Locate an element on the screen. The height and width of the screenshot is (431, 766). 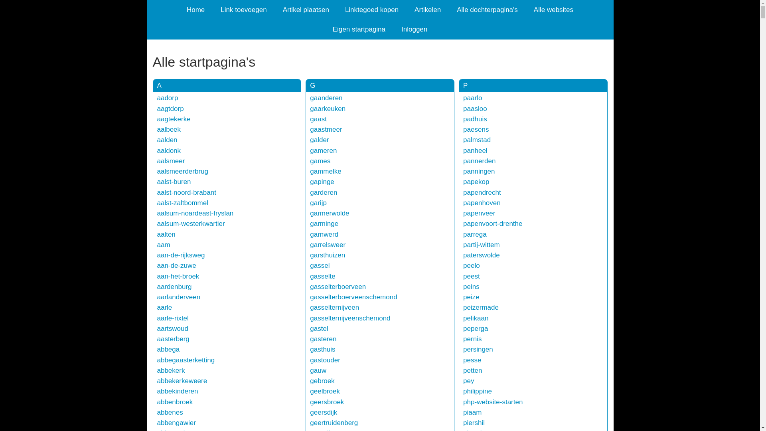
'Inloggen' is located at coordinates (414, 29).